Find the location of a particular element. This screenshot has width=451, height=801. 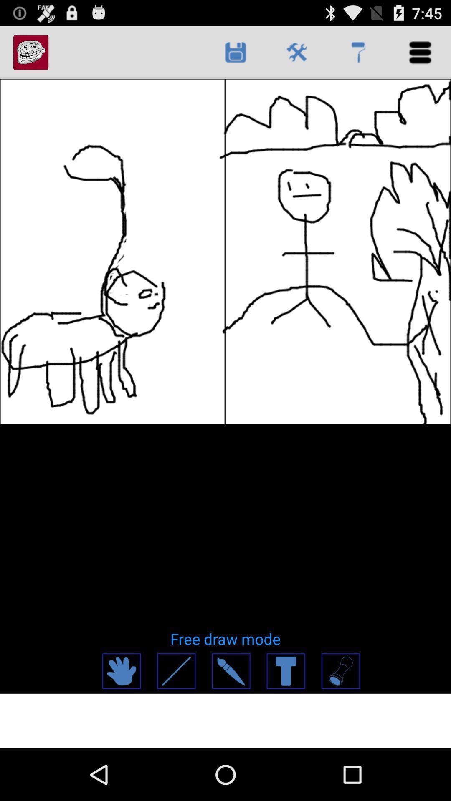

move image is located at coordinates (121, 671).